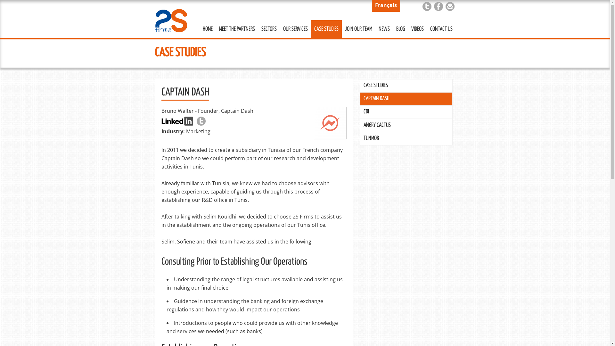  Describe the element at coordinates (400, 29) in the screenshot. I see `'BLOG'` at that location.